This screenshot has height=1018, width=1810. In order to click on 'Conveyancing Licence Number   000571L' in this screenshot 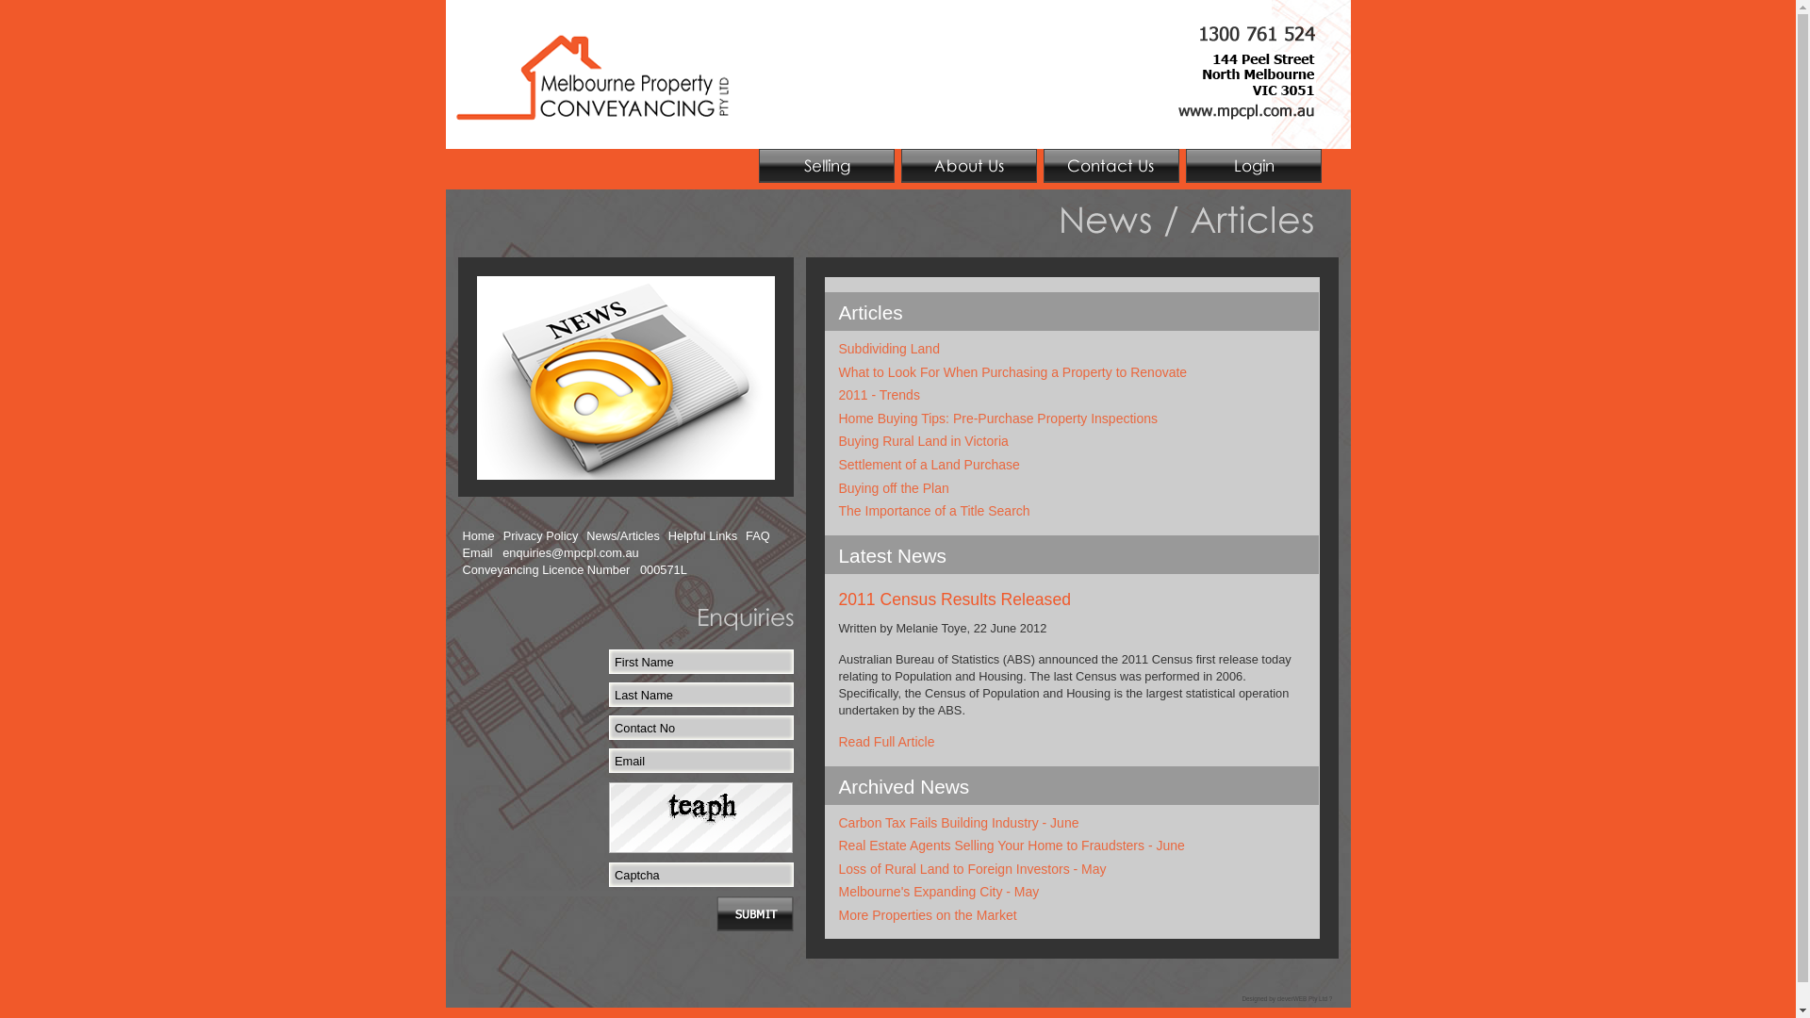, I will do `click(573, 569)`.